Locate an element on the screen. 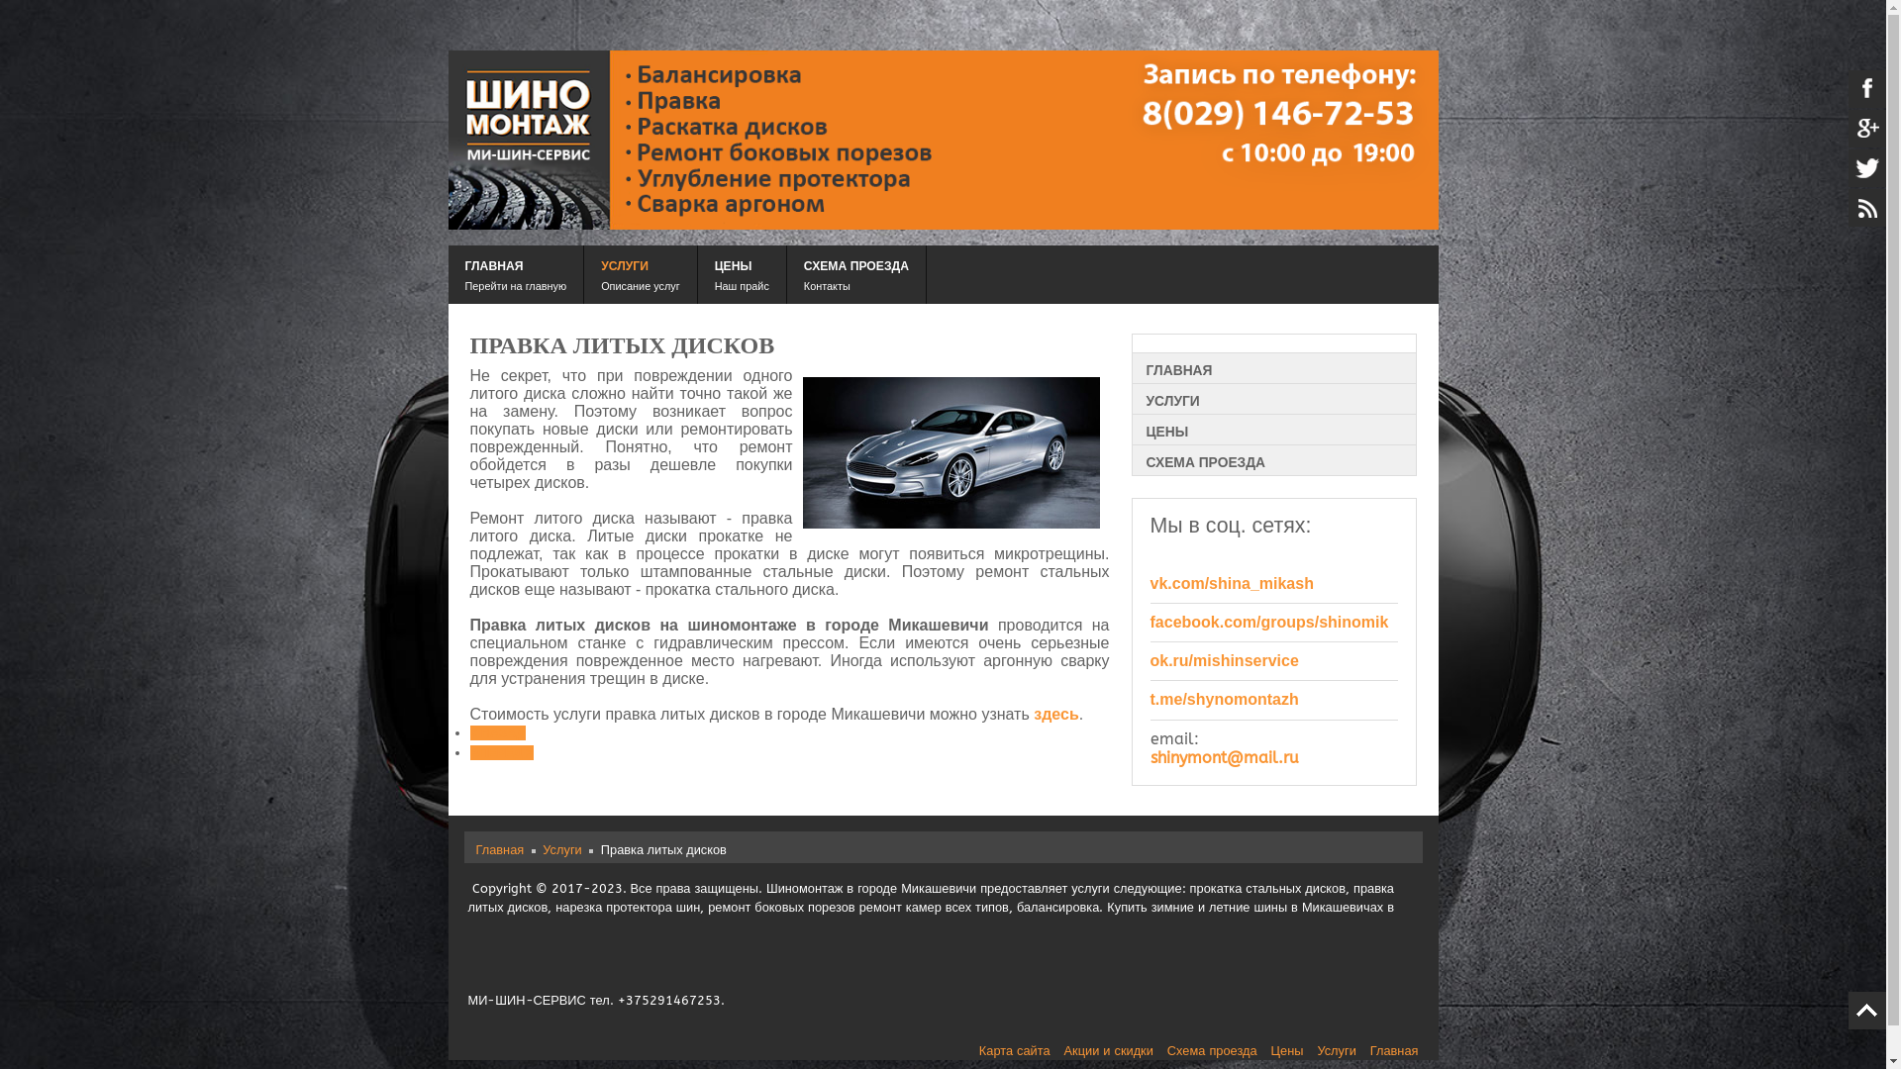  'ok.ru/mishinservice' is located at coordinates (1224, 660).